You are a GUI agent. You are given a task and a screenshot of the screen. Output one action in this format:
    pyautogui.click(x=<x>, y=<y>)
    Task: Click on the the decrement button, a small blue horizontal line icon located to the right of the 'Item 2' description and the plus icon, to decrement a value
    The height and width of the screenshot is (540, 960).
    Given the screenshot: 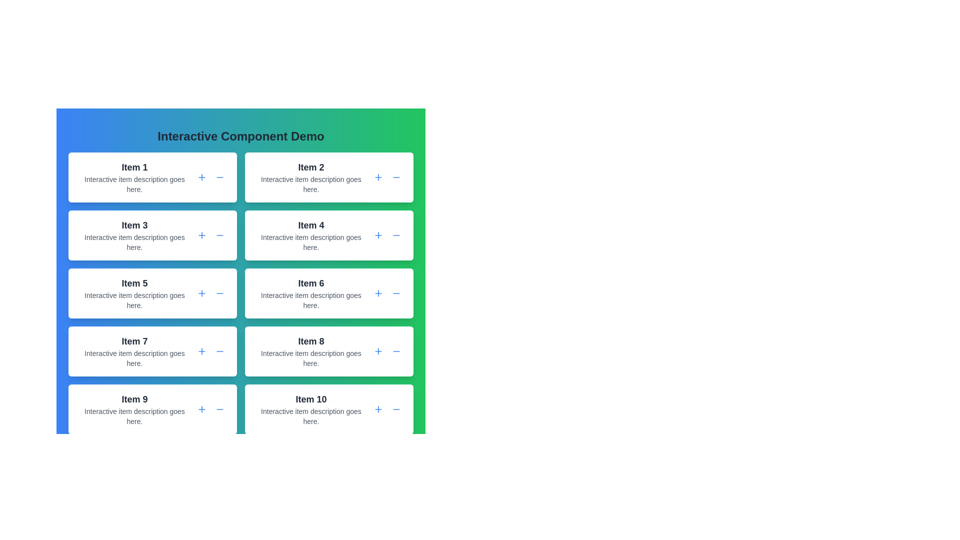 What is the action you would take?
    pyautogui.click(x=395, y=176)
    